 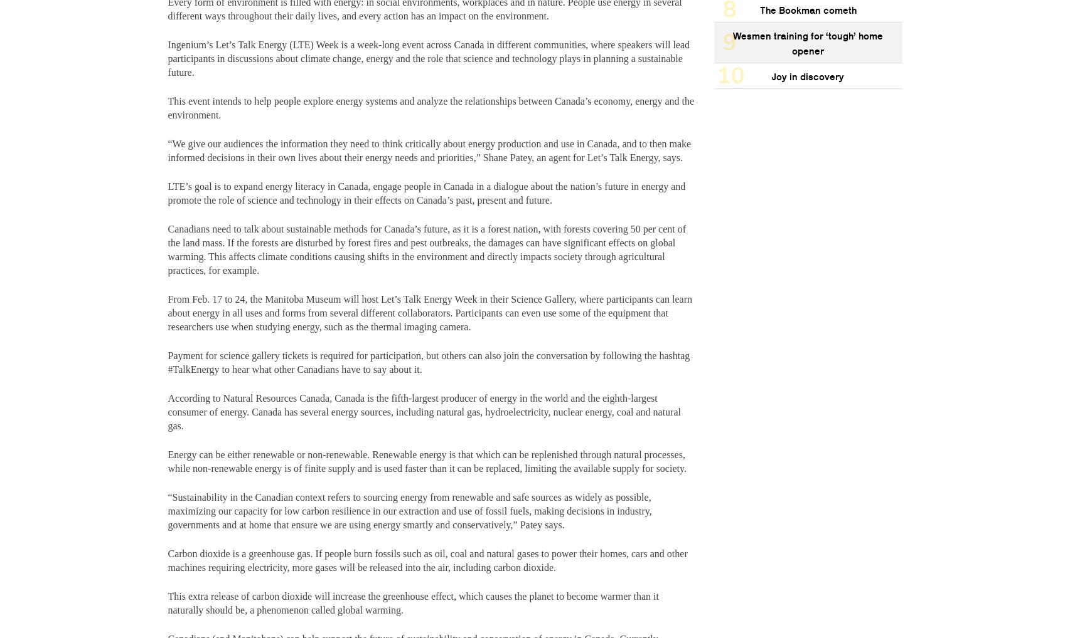 I want to click on 'Energy can be either renewable or non-renewable. Renewable energy is that which can be replenished through natural processes, while non-renewable energy is of finite supply and is used faster than it can be replaced, limiting the available supply for society.', so click(x=426, y=460).